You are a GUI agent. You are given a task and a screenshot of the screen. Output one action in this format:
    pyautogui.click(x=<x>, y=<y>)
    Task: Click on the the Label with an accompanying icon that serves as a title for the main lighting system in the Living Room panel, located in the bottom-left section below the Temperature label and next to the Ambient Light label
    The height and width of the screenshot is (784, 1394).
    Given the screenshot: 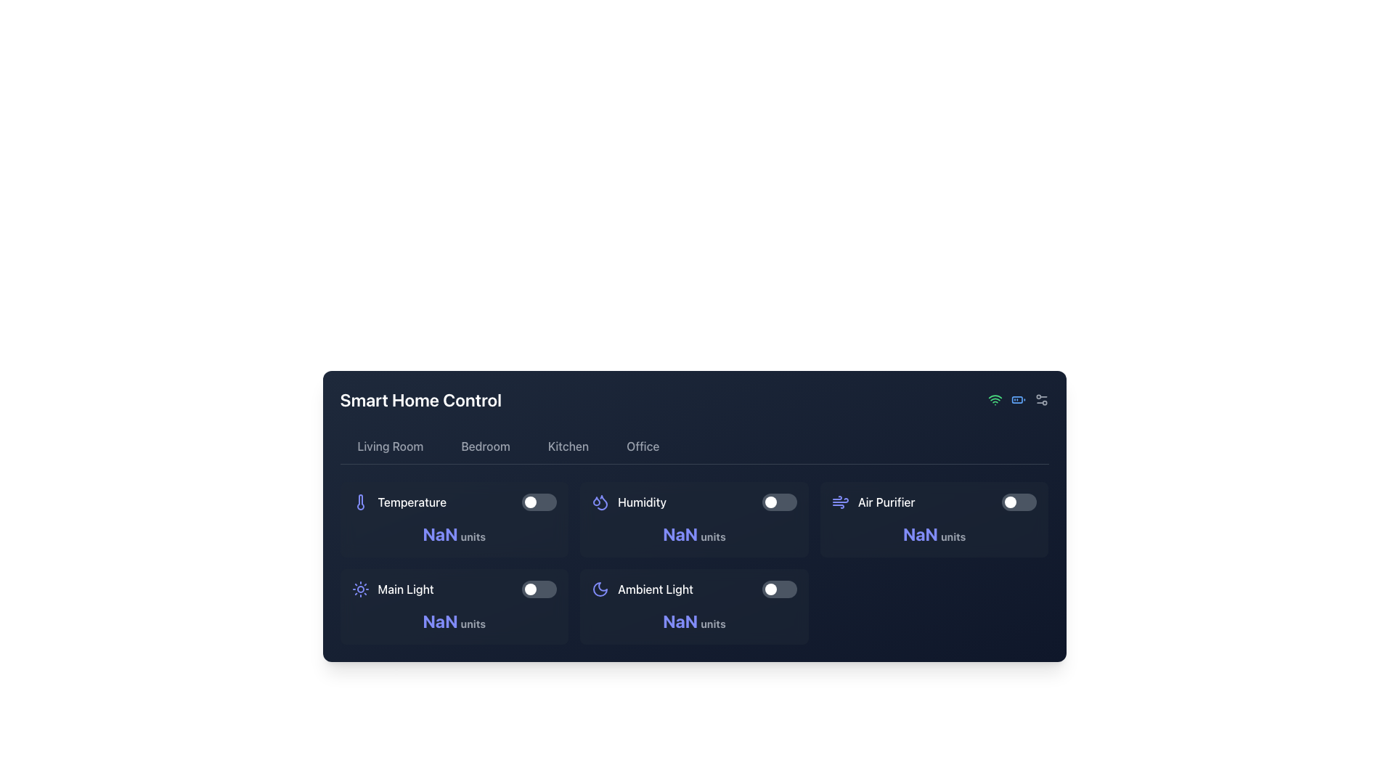 What is the action you would take?
    pyautogui.click(x=393, y=589)
    